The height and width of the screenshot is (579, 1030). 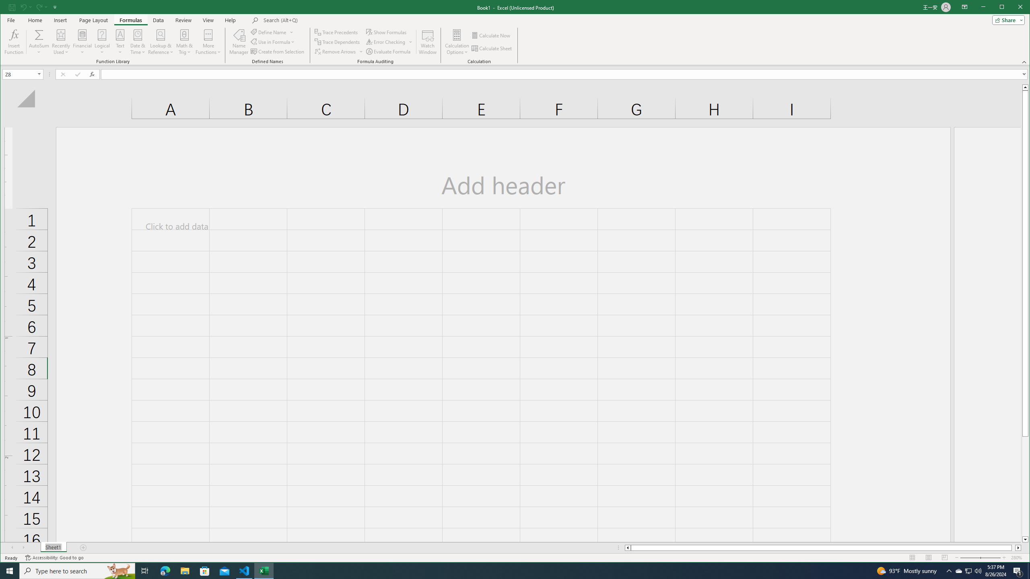 I want to click on 'Running applications', so click(x=507, y=570).